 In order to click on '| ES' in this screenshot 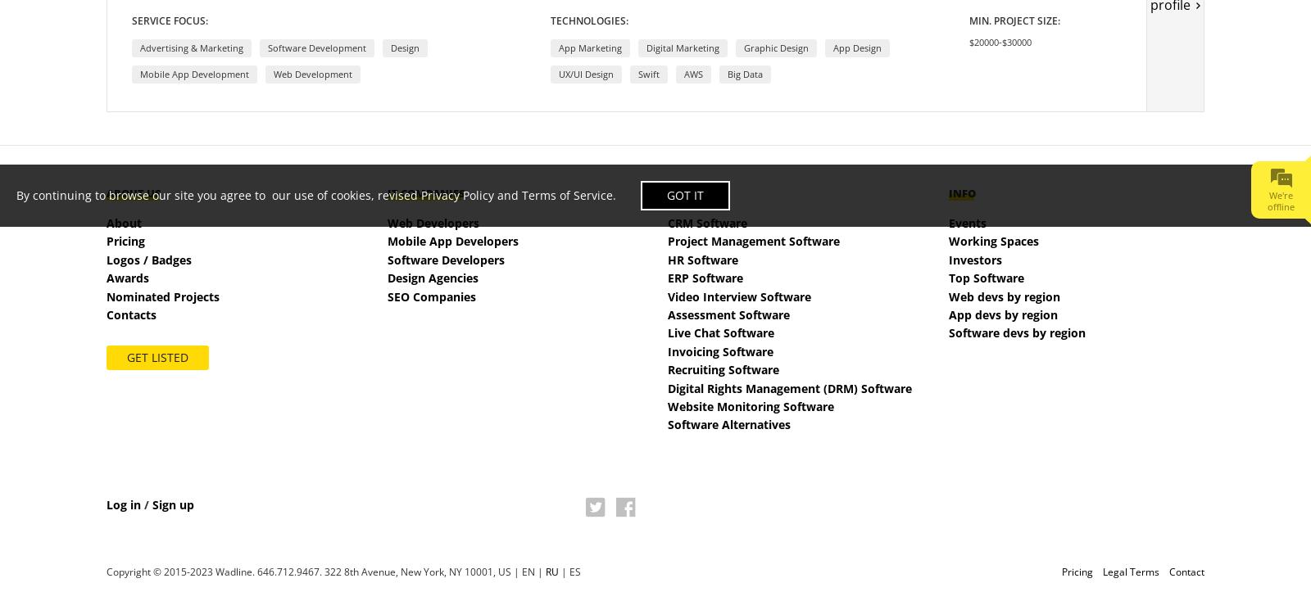, I will do `click(569, 570)`.